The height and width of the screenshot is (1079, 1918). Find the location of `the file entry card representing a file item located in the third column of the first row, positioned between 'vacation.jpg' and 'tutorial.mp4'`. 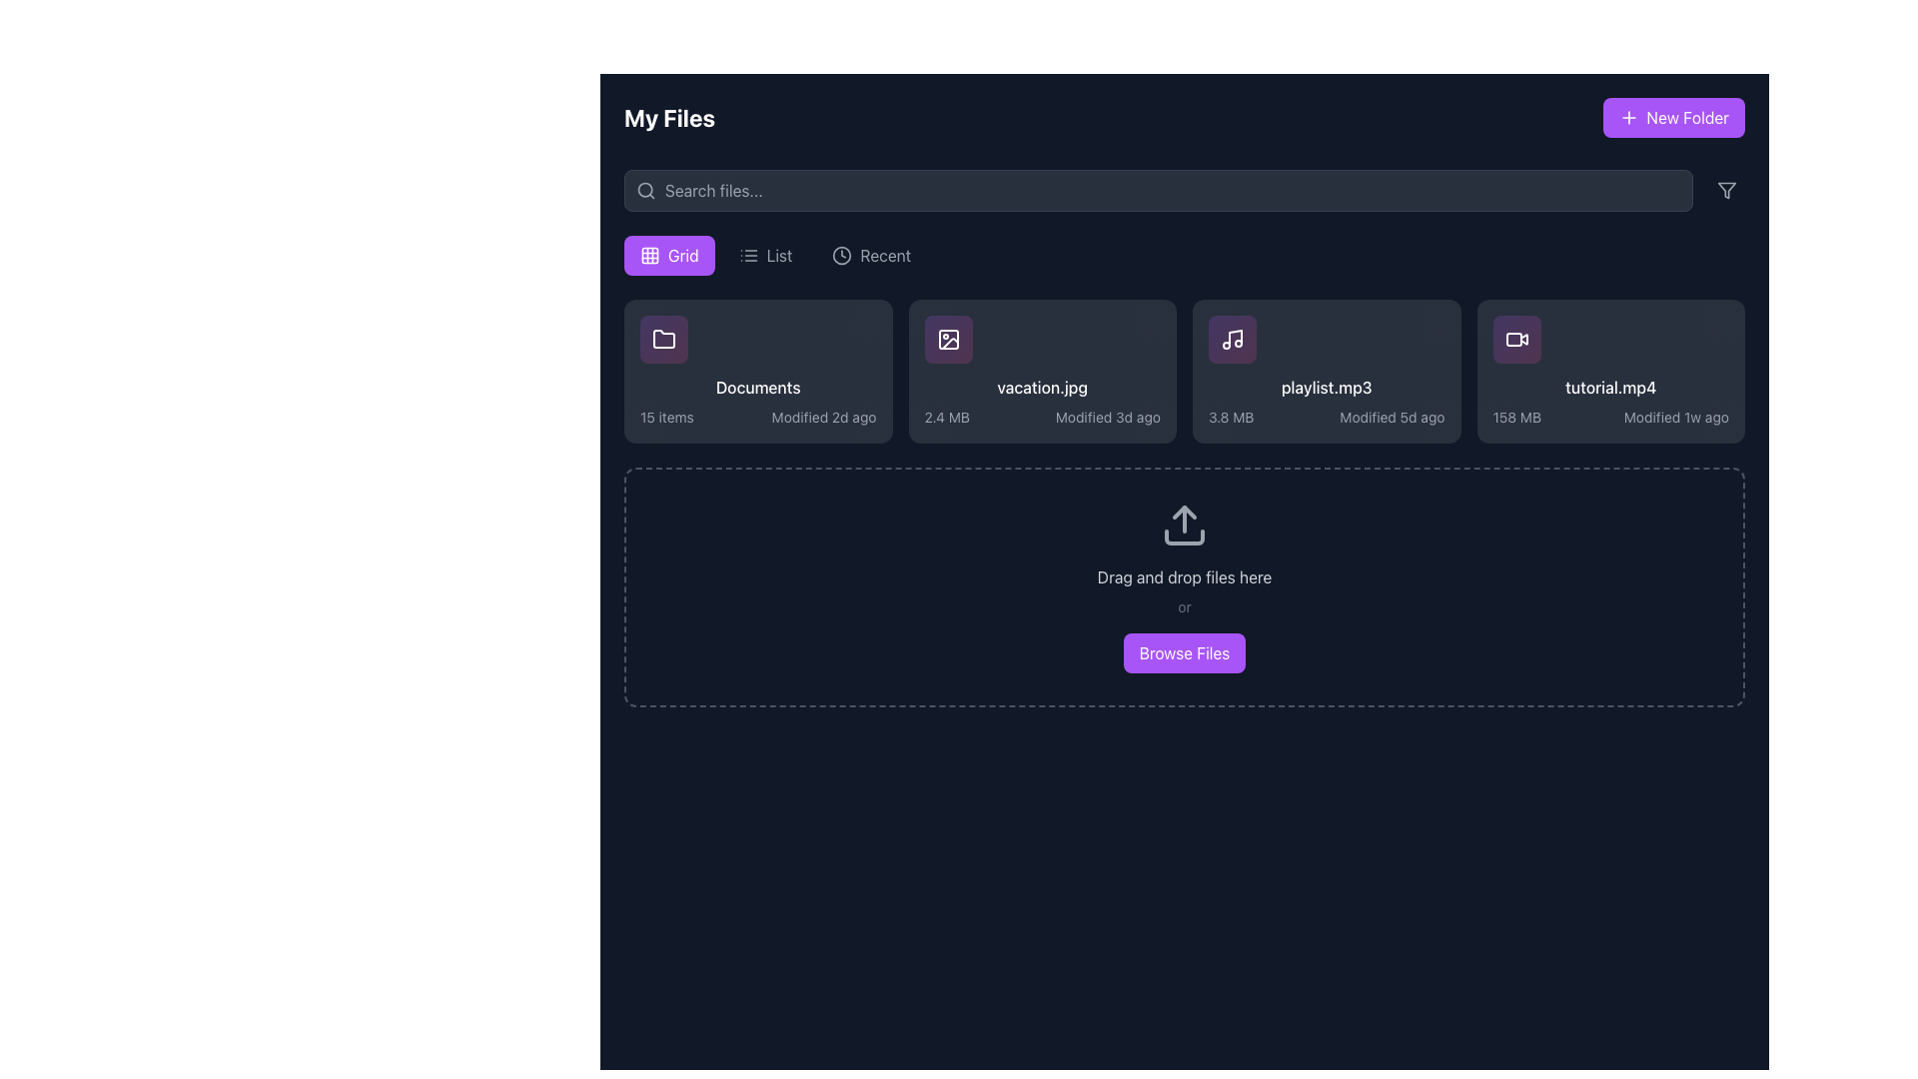

the file entry card representing a file item located in the third column of the first row, positioned between 'vacation.jpg' and 'tutorial.mp4' is located at coordinates (1327, 371).